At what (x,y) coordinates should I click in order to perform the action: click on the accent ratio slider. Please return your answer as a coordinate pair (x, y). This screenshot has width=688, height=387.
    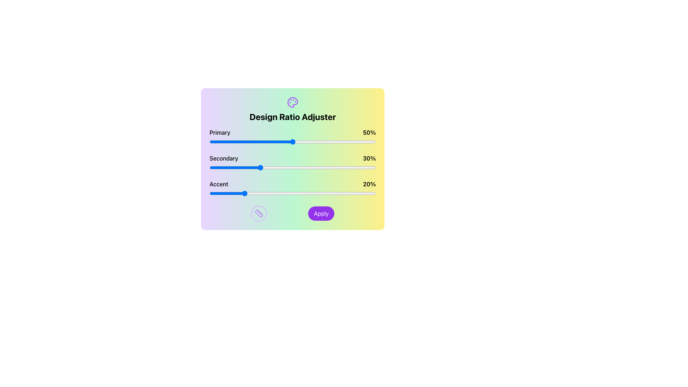
    Looking at the image, I should click on (224, 193).